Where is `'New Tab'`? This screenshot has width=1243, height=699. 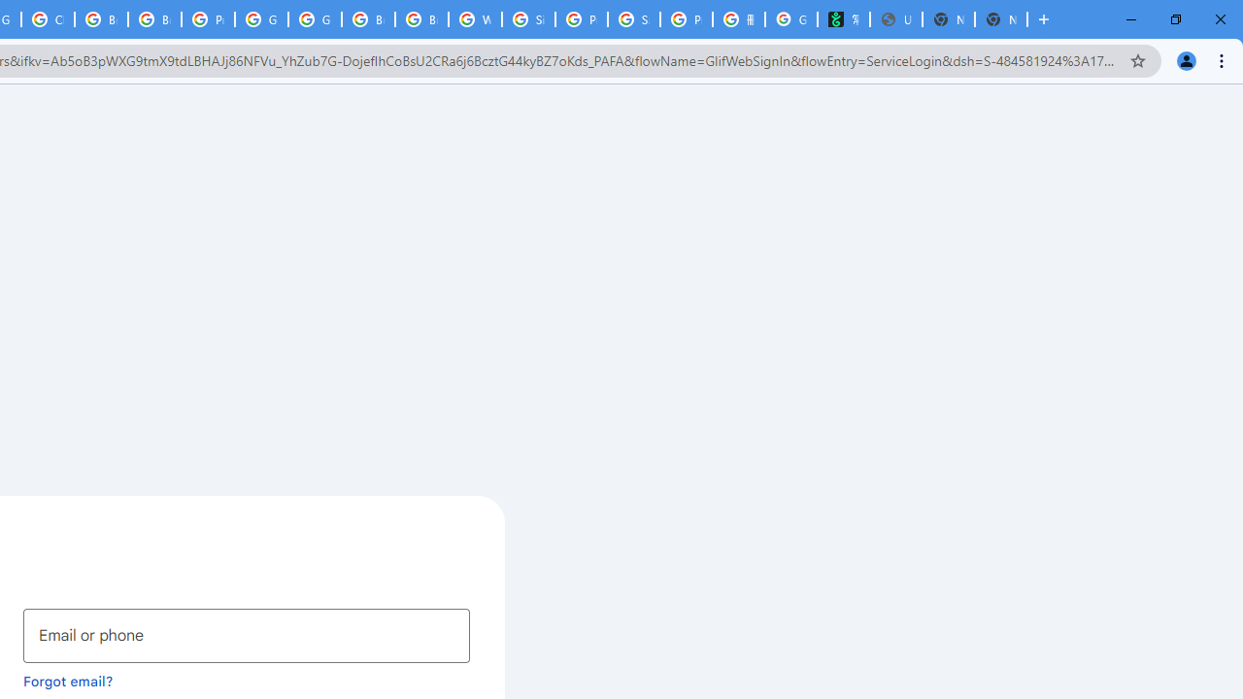
'New Tab' is located at coordinates (1001, 19).